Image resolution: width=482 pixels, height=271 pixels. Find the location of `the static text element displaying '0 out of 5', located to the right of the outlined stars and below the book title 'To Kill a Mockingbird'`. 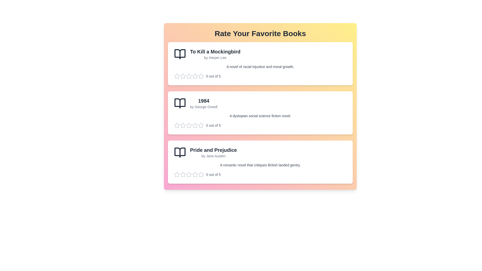

the static text element displaying '0 out of 5', located to the right of the outlined stars and below the book title 'To Kill a Mockingbird' is located at coordinates (213, 76).